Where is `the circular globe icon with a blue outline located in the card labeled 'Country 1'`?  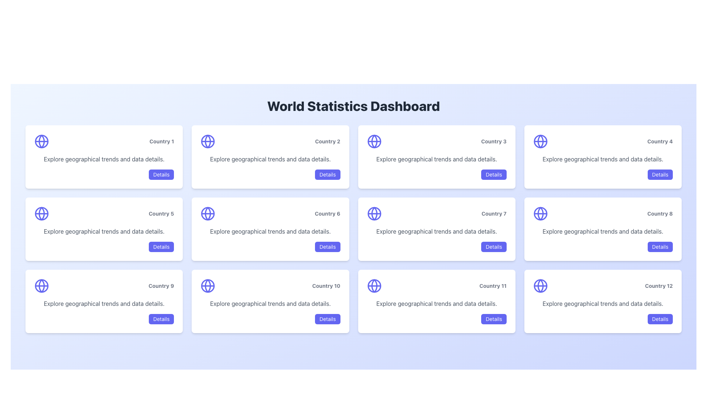
the circular globe icon with a blue outline located in the card labeled 'Country 1' is located at coordinates (41, 142).